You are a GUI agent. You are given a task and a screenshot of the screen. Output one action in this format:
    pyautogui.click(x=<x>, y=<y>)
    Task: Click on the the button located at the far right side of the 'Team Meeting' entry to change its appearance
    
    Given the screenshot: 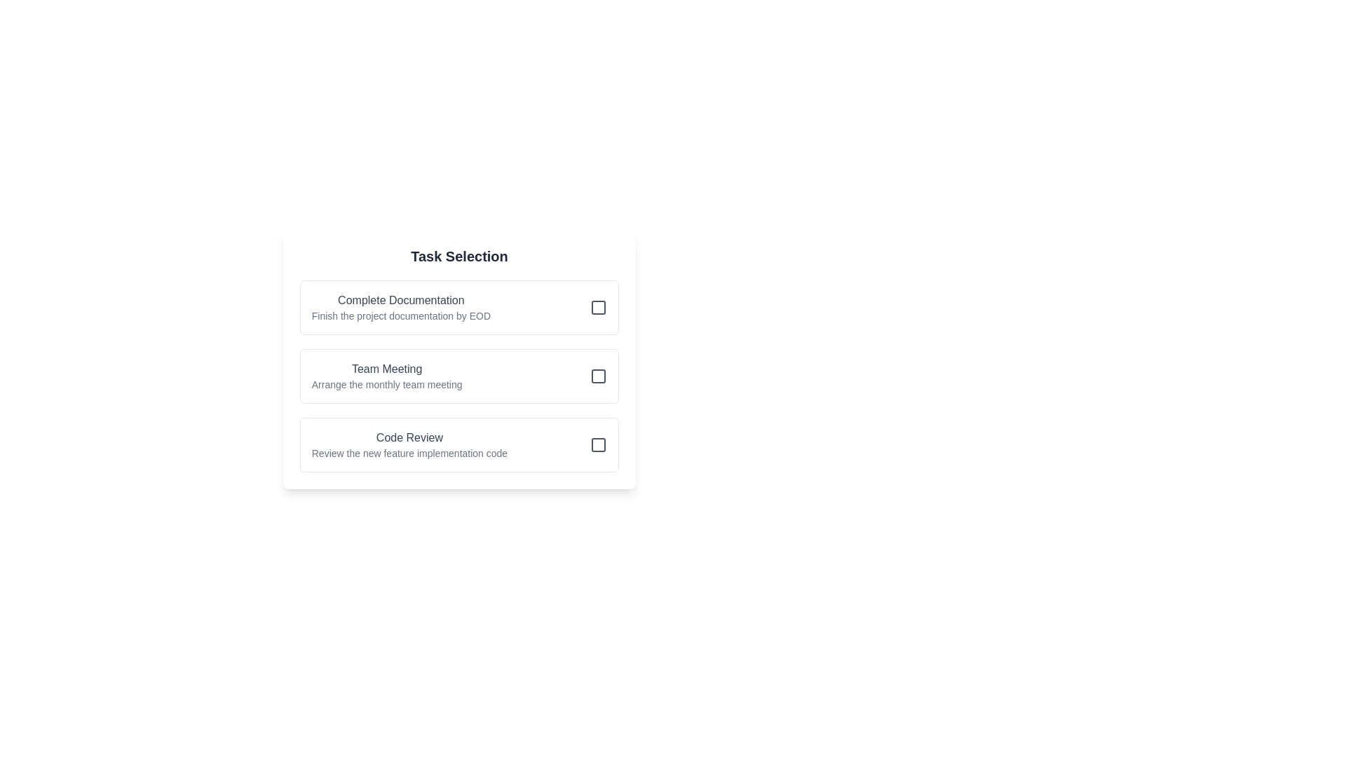 What is the action you would take?
    pyautogui.click(x=599, y=375)
    